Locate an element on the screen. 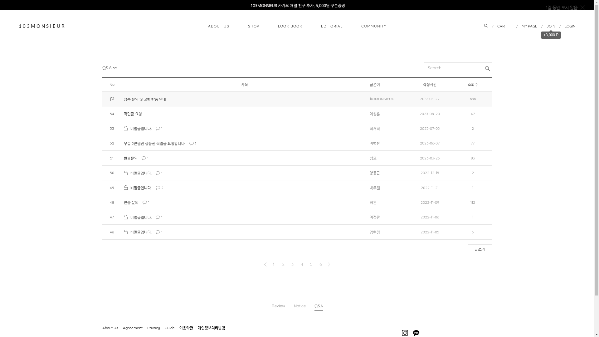 This screenshot has height=337, width=599. 'Privacy' is located at coordinates (156, 327).